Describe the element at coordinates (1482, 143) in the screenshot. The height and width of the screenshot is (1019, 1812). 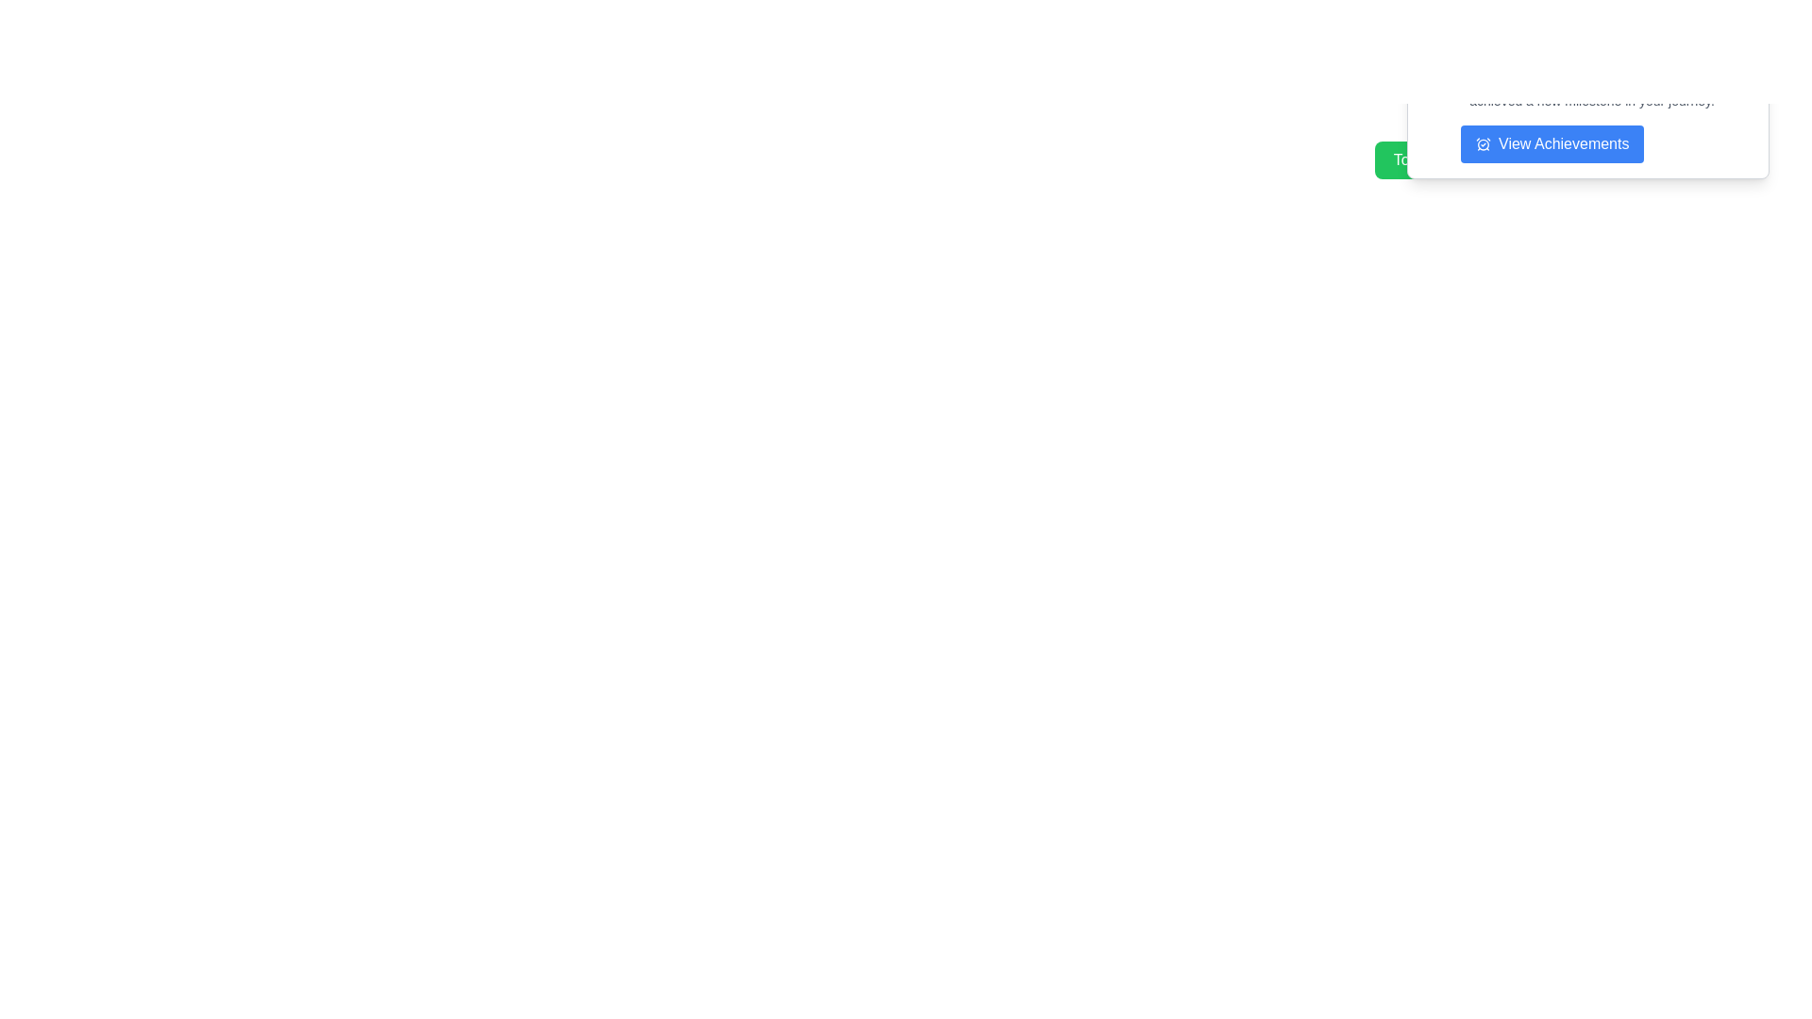
I see `the icon representing the action of viewing achievements, which is located to the left of the 'View Achievements' button text` at that location.